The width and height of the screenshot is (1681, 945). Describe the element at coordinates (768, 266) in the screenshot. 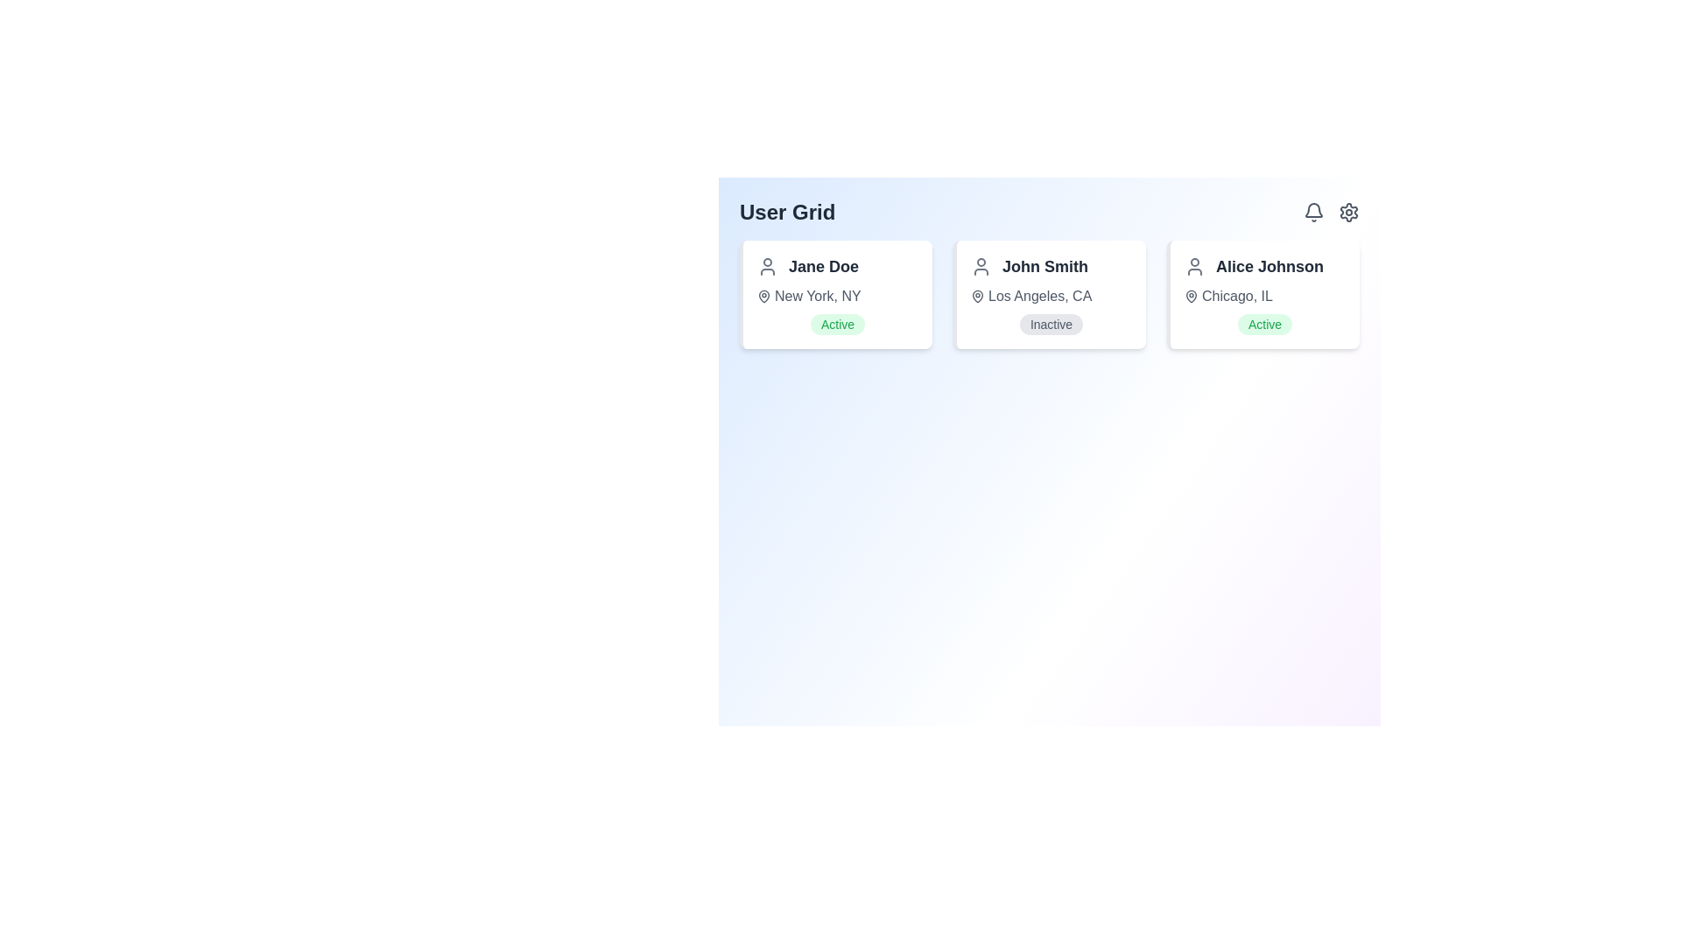

I see `properties of the user profile icon, which is a gray circular head shape above a semi-circular body outline, located in the first card of the user grid next to 'Jane Doe'` at that location.